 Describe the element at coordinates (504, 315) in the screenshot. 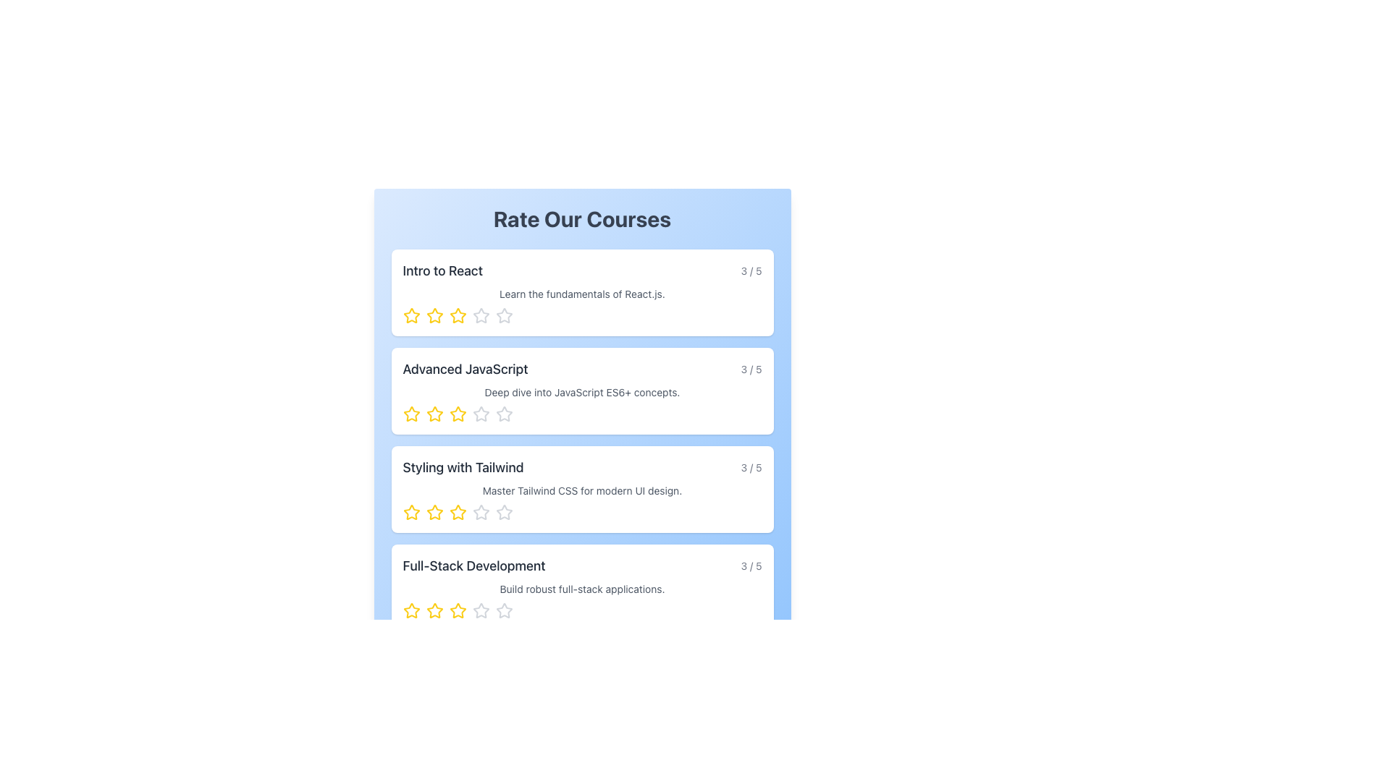

I see `the fourth star icon in the course rating system for 'Intro to React' to rate it` at that location.